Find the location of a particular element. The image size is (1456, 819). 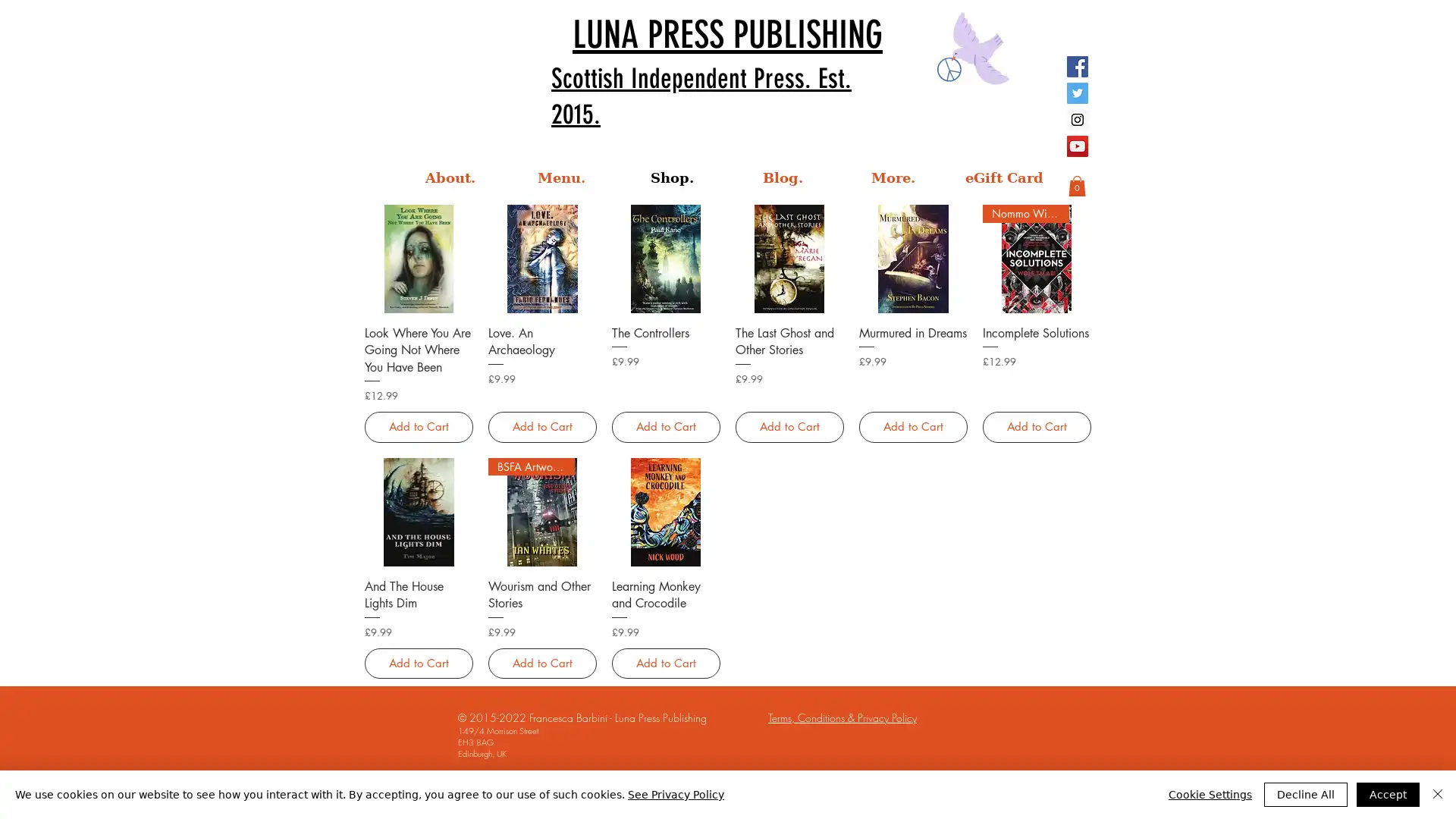

Cart with 0 items is located at coordinates (1076, 185).